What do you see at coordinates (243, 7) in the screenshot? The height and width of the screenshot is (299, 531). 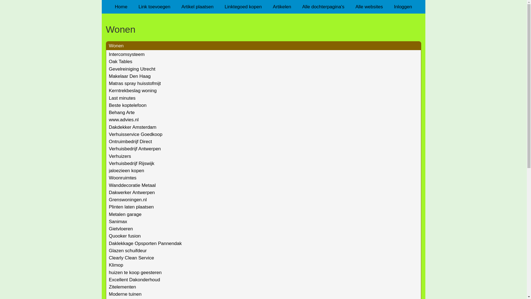 I see `'Linktegoed kopen'` at bounding box center [243, 7].